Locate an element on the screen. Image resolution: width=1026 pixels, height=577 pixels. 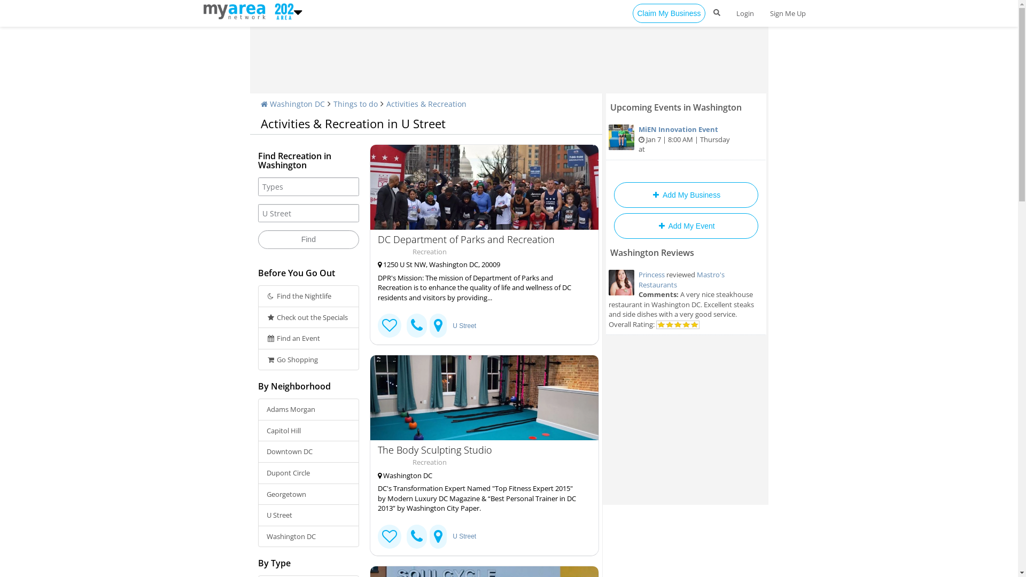
'Add My Business' is located at coordinates (613, 195).